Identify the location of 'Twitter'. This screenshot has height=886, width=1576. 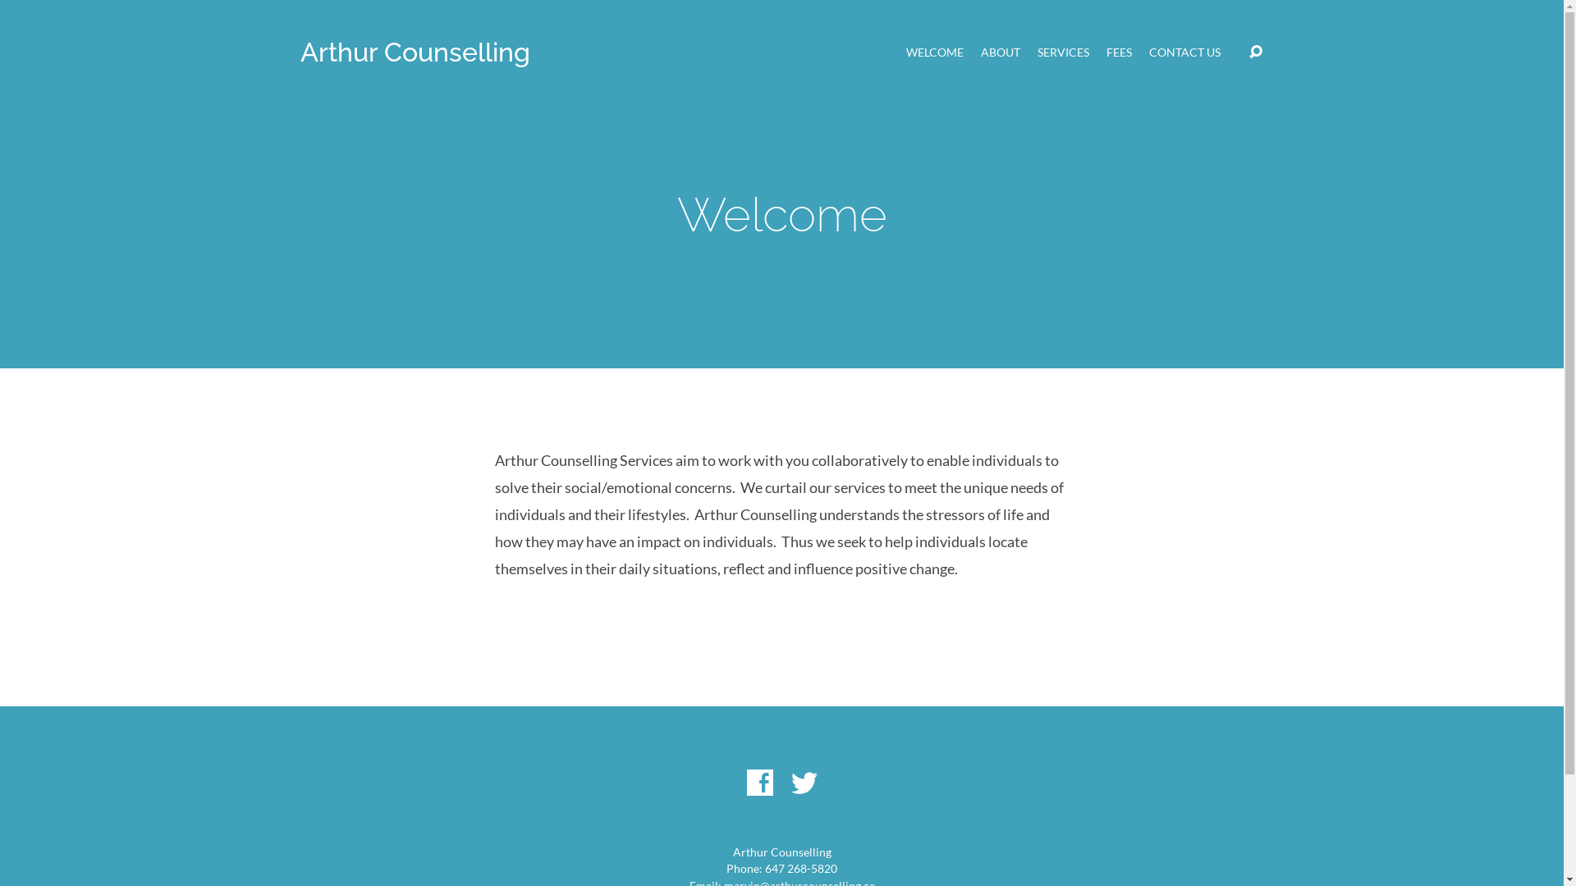
(804, 781).